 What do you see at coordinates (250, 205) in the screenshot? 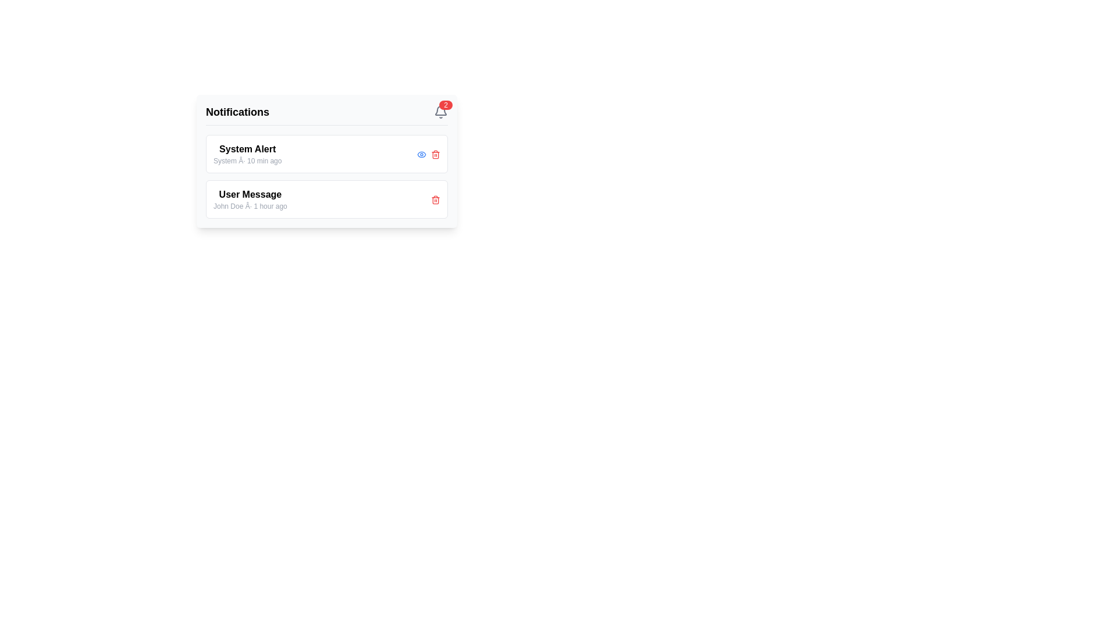
I see `text from the Text Label located immediately below the 'User Message' in the notification card under the 'Notifications' section of the interface, which provides metadata about the user message` at bounding box center [250, 205].